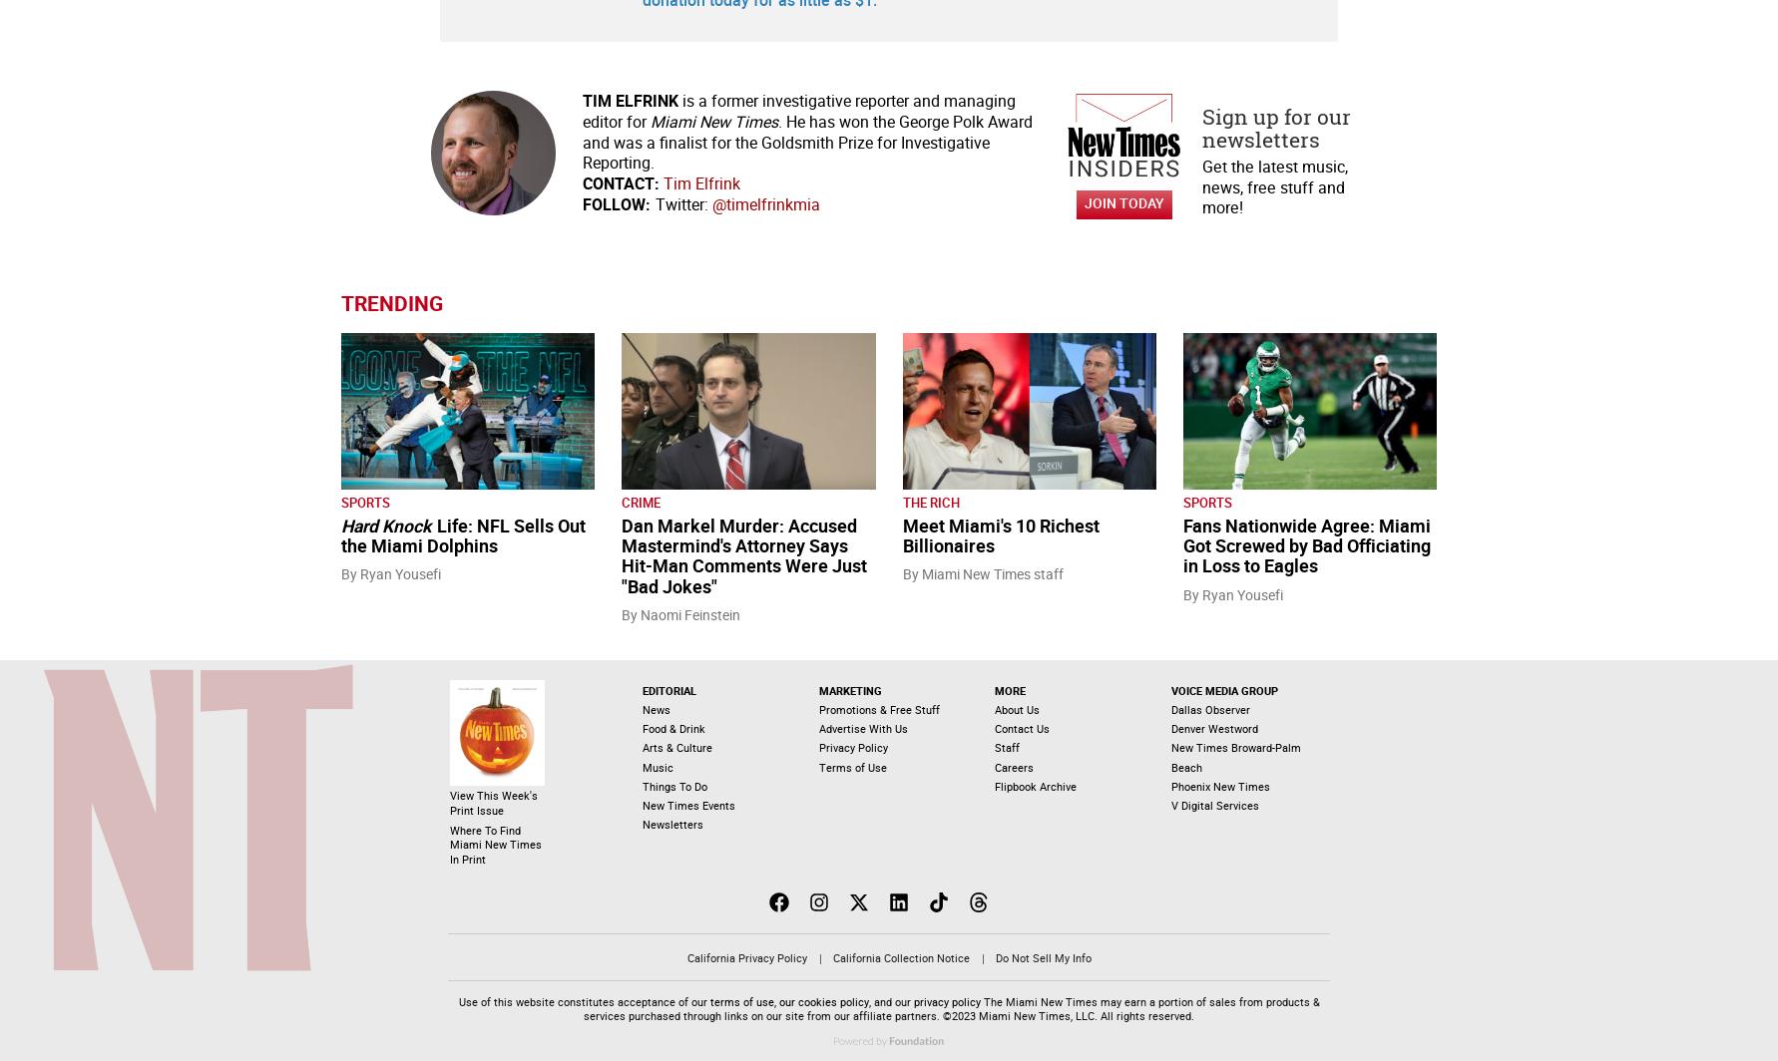 This screenshot has height=1061, width=1778. What do you see at coordinates (462, 535) in the screenshot?
I see `'Life: NFL Sells Out the Miami Dolphins'` at bounding box center [462, 535].